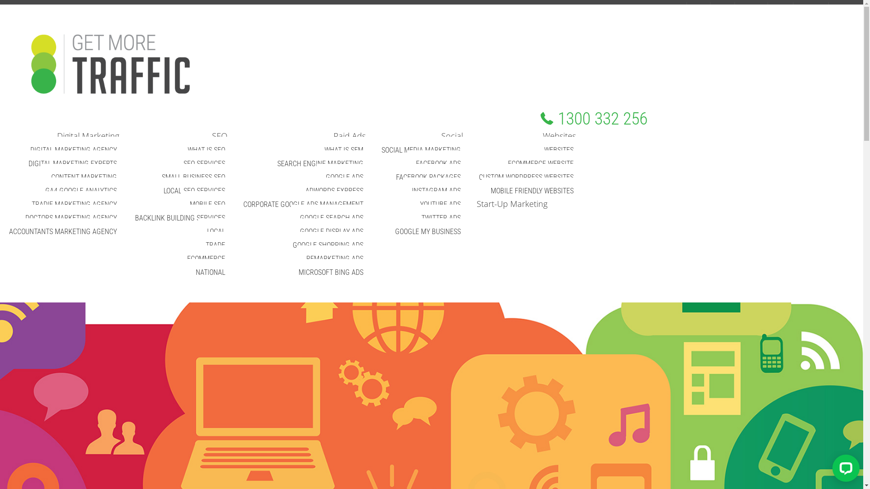  Describe the element at coordinates (438, 163) in the screenshot. I see `'FACEBOOK ADS'` at that location.